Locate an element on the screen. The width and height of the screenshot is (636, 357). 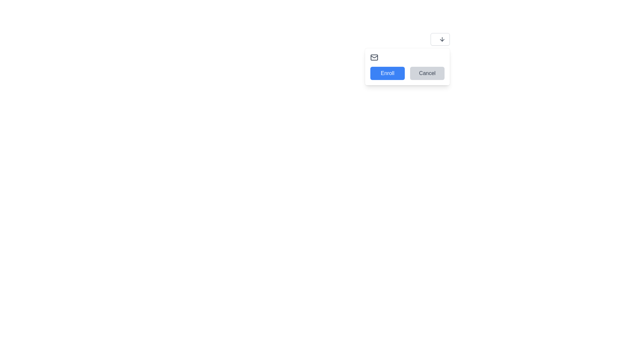
the rounded rectangular blue button labeled 'Enroll' is located at coordinates (388, 73).